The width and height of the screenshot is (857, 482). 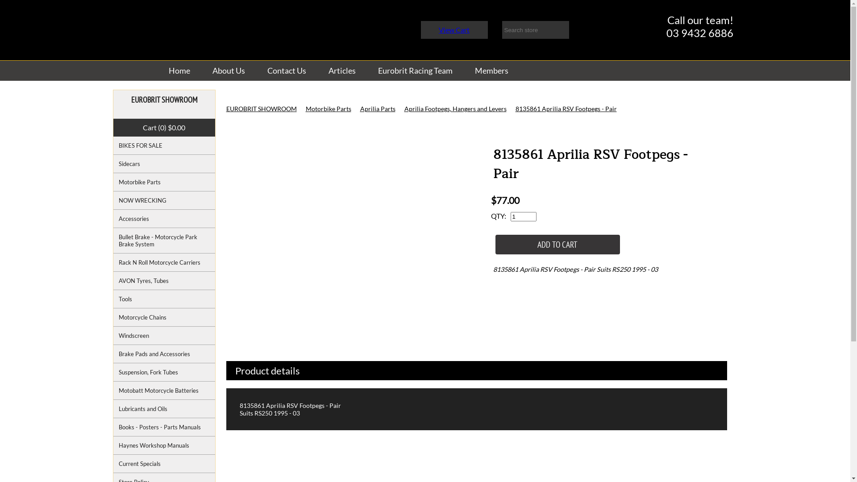 I want to click on 'Motorbike Parts', so click(x=164, y=182).